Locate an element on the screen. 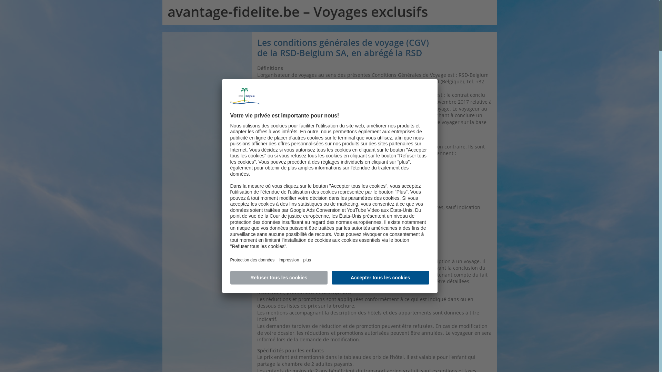 This screenshot has height=372, width=662. 'info@fr.rsd-belgium.be' is located at coordinates (333, 88).